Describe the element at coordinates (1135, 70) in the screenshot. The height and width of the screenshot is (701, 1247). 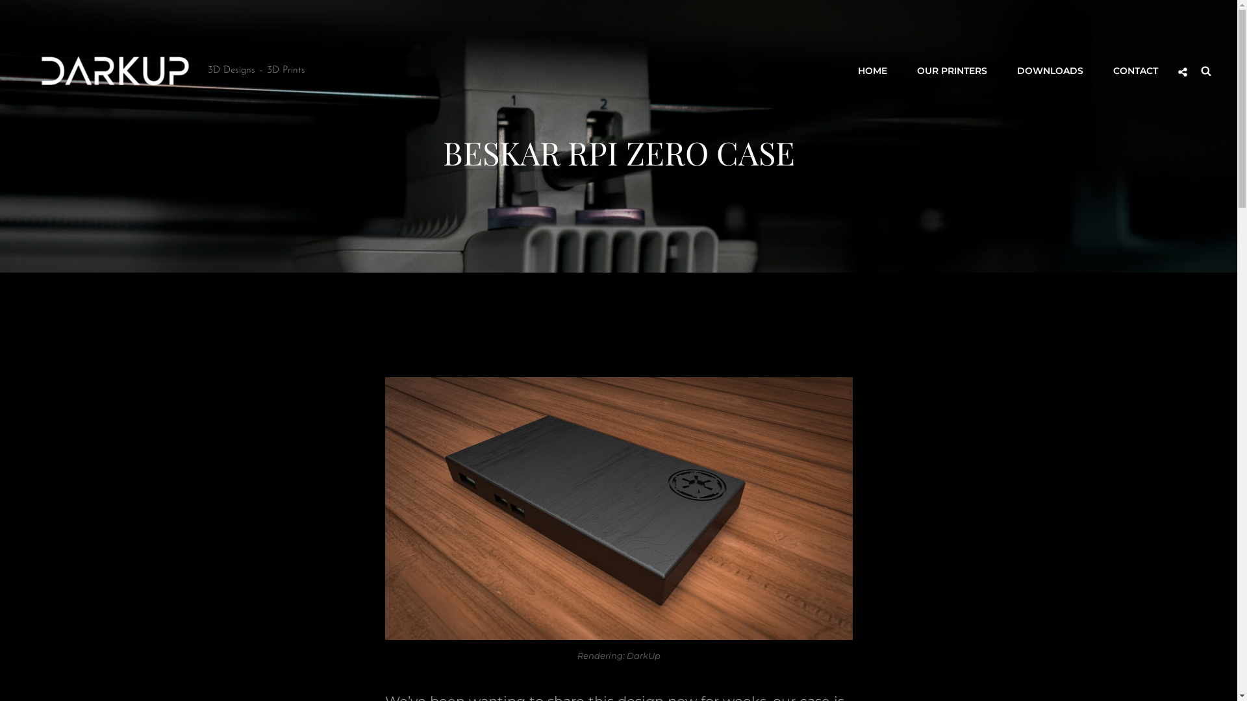
I see `'CONTACT'` at that location.